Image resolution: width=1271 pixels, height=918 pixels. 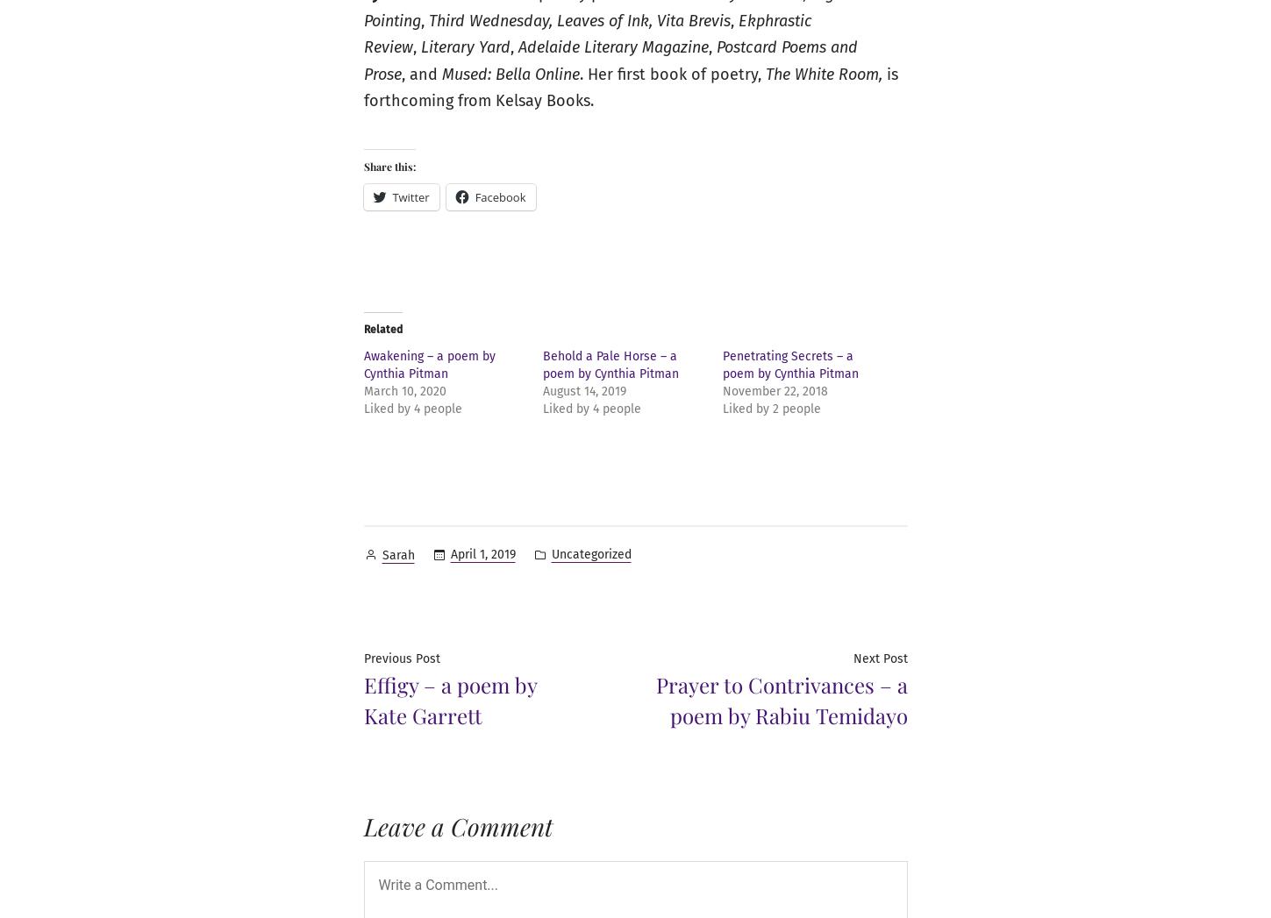 What do you see at coordinates (401, 658) in the screenshot?
I see `'Previous Post'` at bounding box center [401, 658].